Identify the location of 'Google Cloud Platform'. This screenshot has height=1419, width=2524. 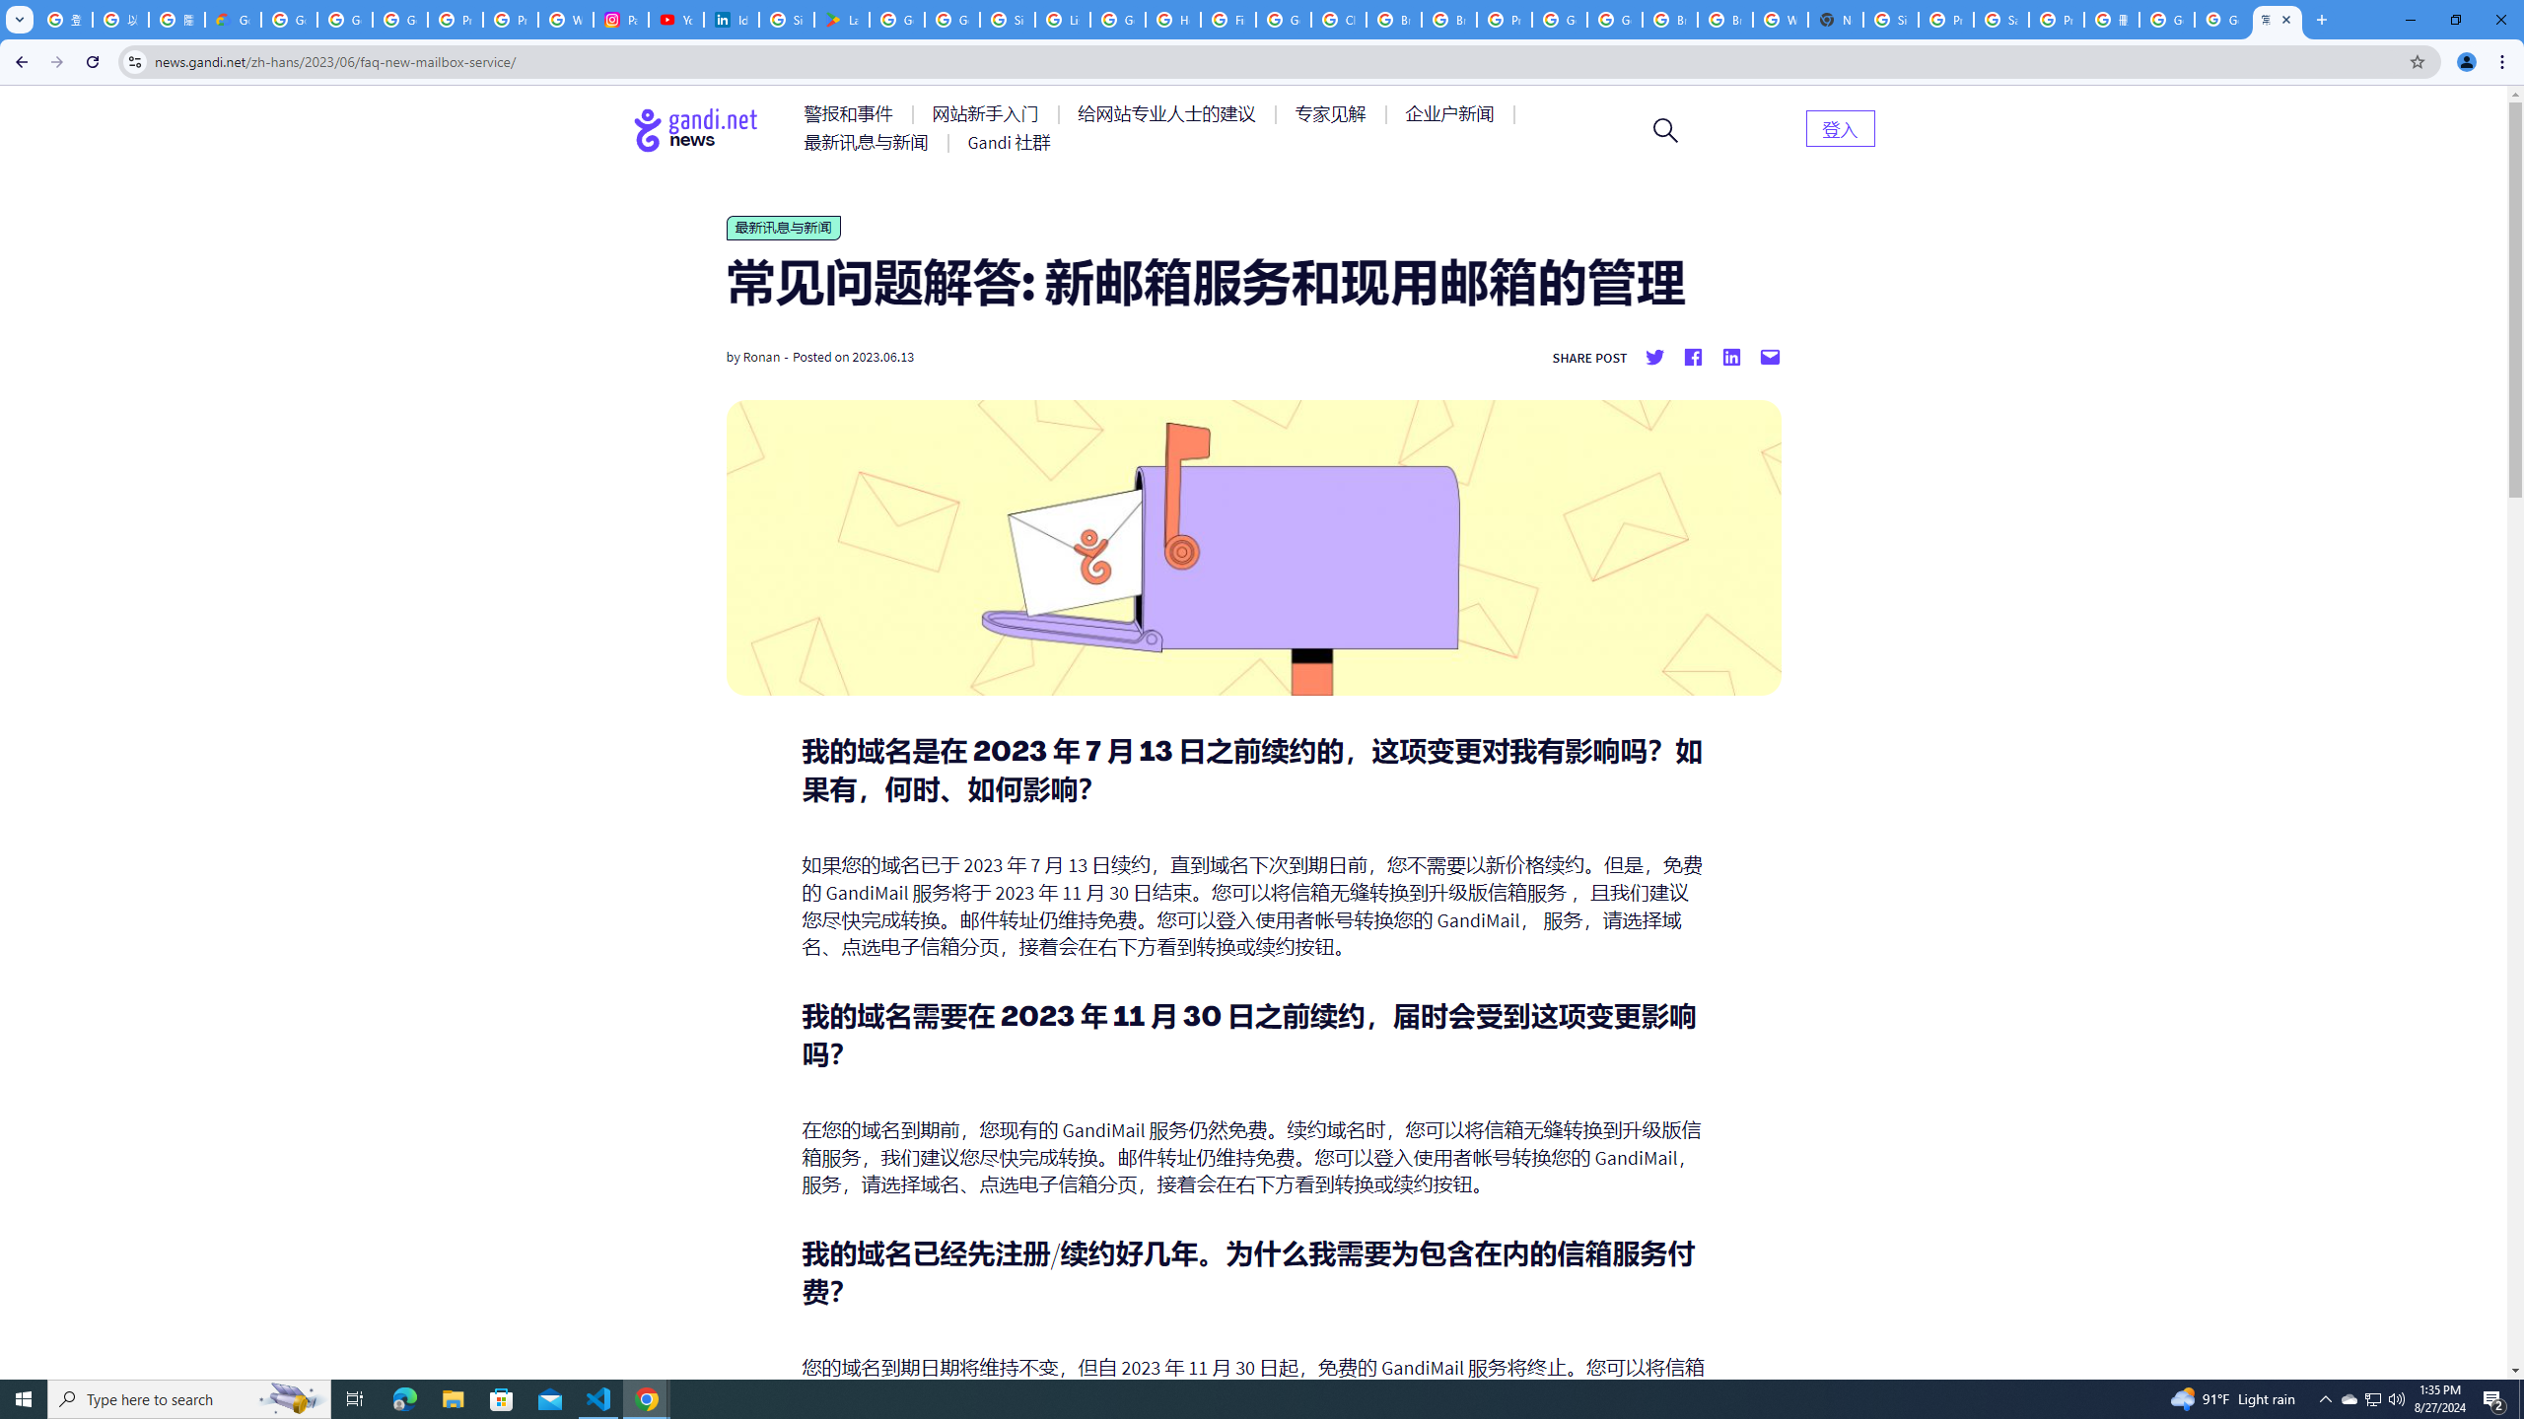
(1559, 19).